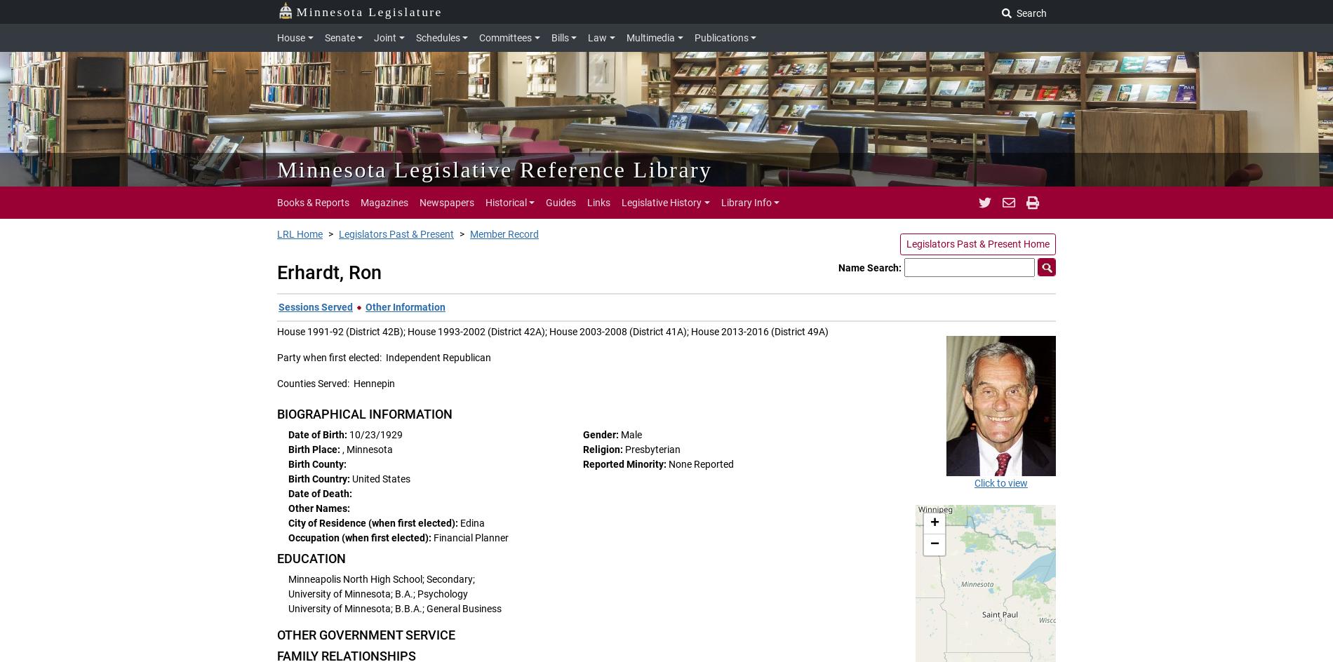 This screenshot has width=1333, height=662. Describe the element at coordinates (485, 202) in the screenshot. I see `'Historical'` at that location.